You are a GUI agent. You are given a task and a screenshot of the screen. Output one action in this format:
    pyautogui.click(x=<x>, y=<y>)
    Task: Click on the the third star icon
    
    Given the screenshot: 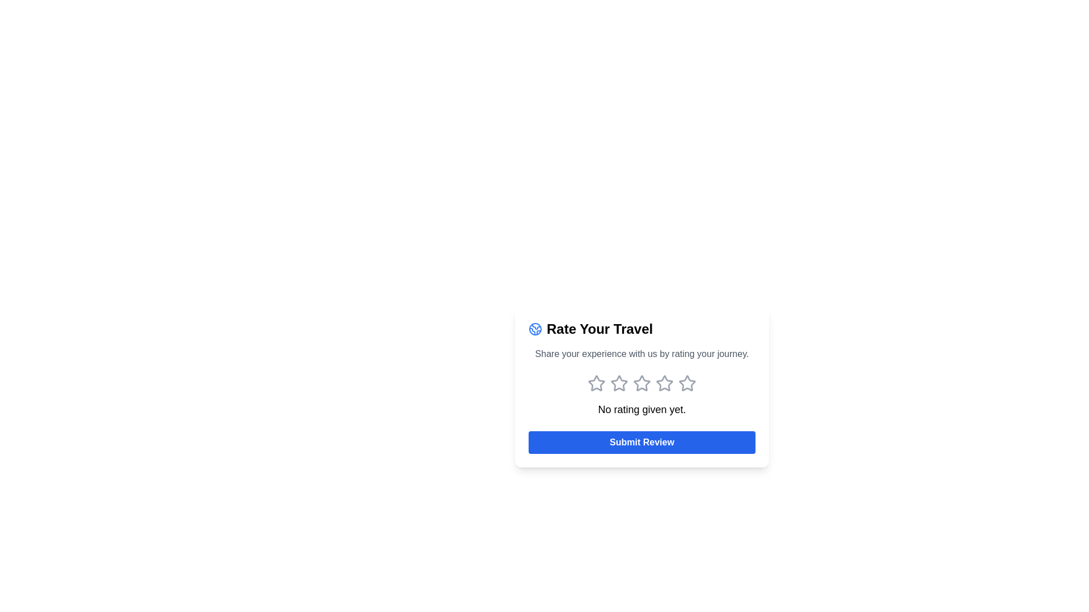 What is the action you would take?
    pyautogui.click(x=664, y=382)
    